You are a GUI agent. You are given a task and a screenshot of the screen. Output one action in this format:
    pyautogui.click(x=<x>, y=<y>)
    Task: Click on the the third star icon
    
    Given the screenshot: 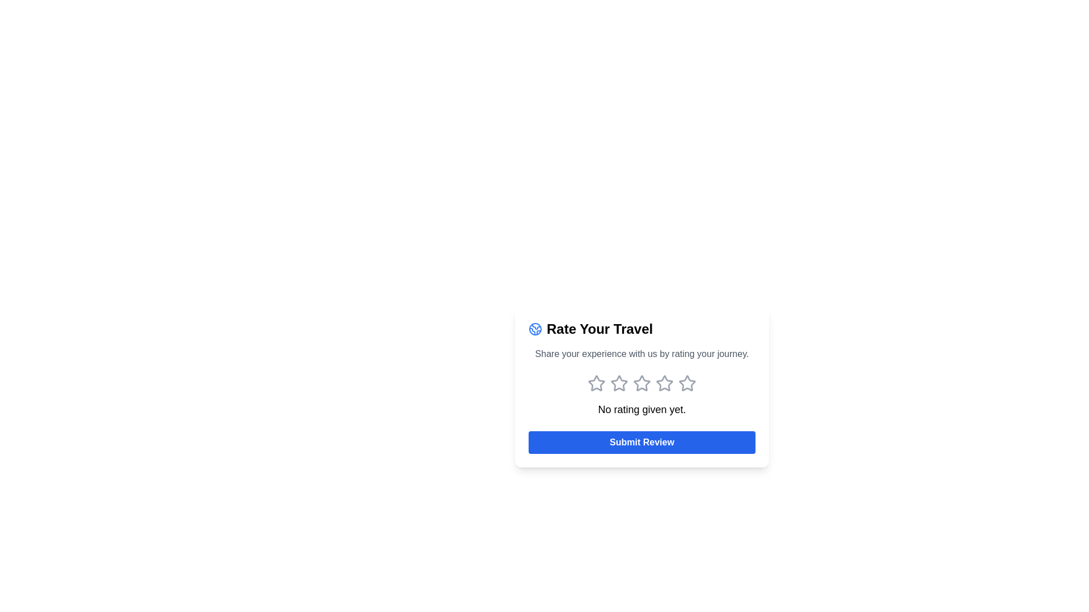 What is the action you would take?
    pyautogui.click(x=664, y=382)
    